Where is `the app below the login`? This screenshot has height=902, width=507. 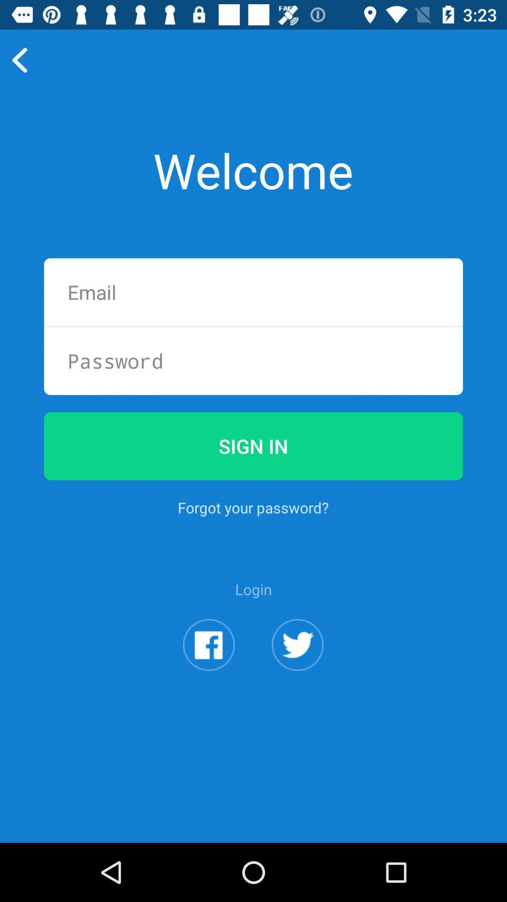 the app below the login is located at coordinates (208, 644).